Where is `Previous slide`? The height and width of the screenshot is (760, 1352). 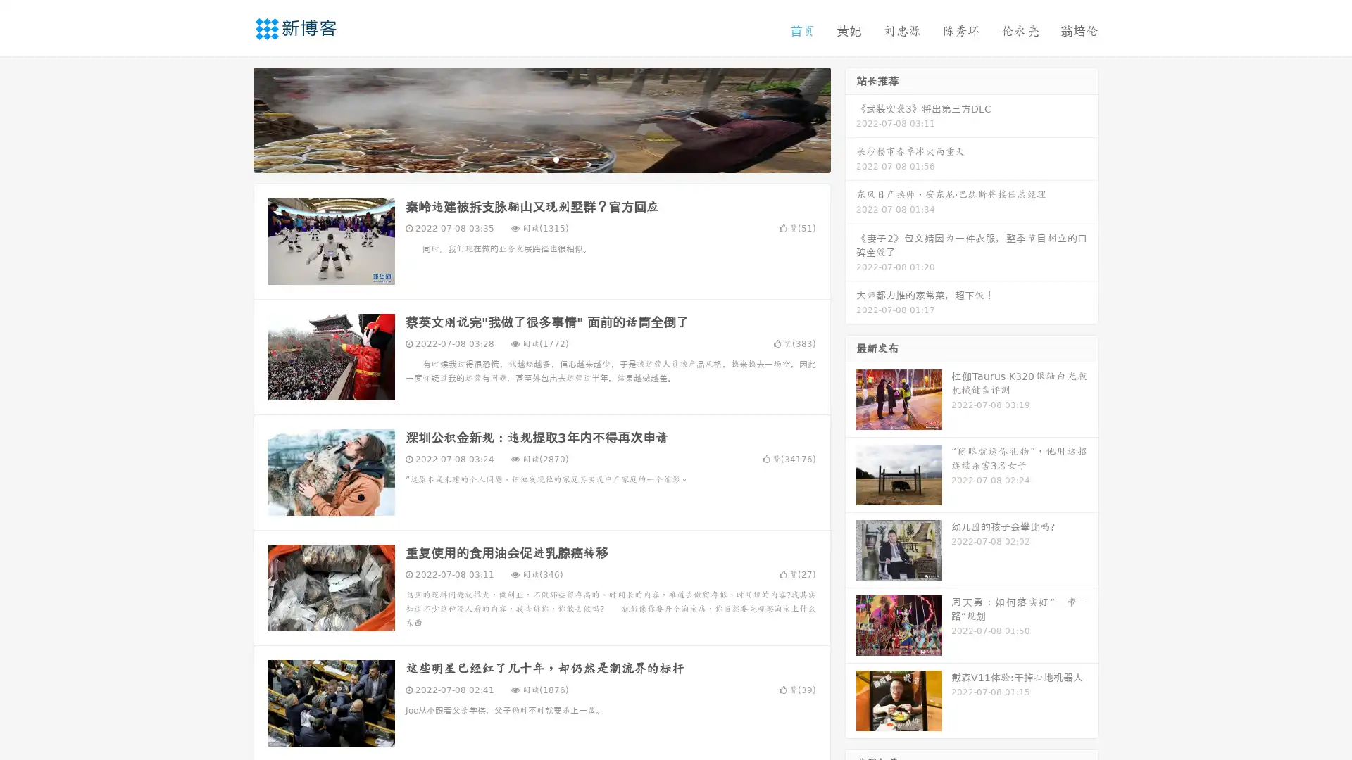
Previous slide is located at coordinates (232, 118).